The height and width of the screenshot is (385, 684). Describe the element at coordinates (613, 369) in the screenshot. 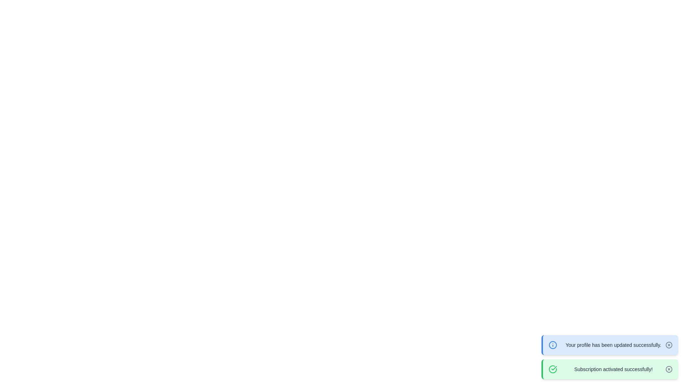

I see `the static text displaying 'Subscription activated successfully!' which is styled with a grayish-dark text color on a light green background` at that location.